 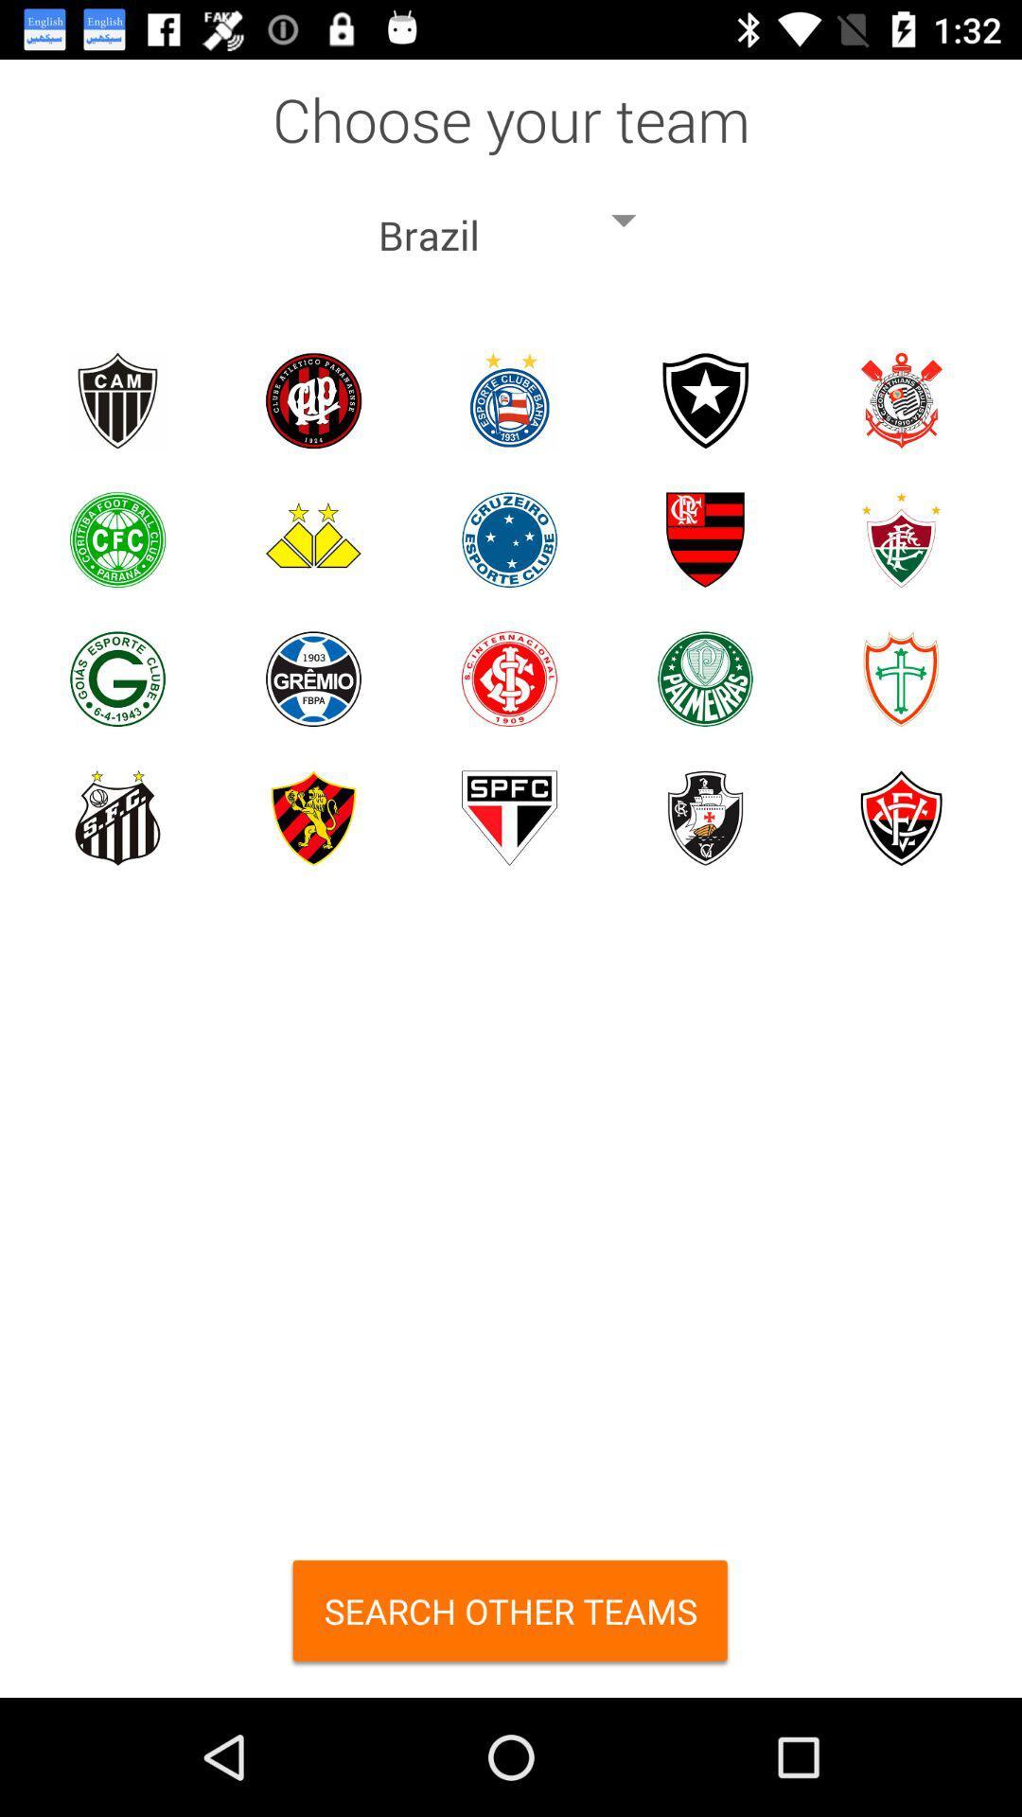 I want to click on clube de regatas do flamengo, so click(x=705, y=538).